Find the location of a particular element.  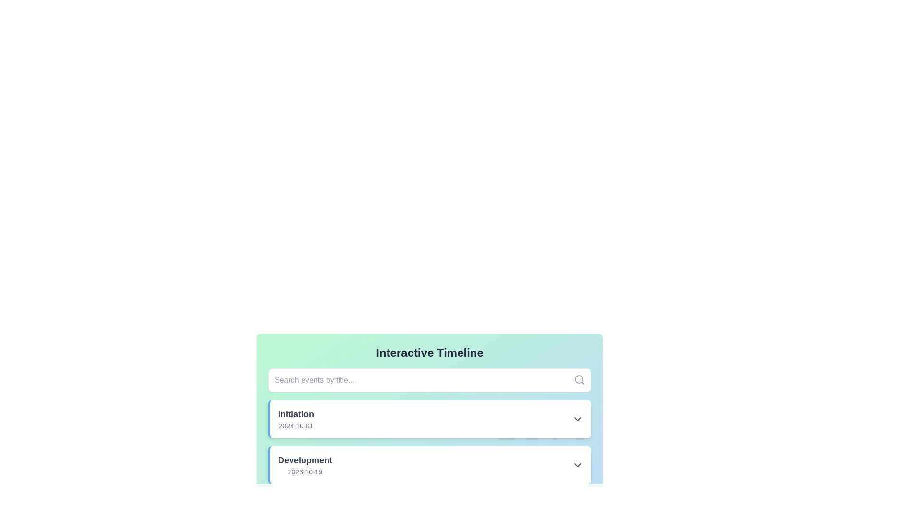

the magnifying glass icon displayed in a circular outline on the far right side of the search input field is located at coordinates (579, 379).